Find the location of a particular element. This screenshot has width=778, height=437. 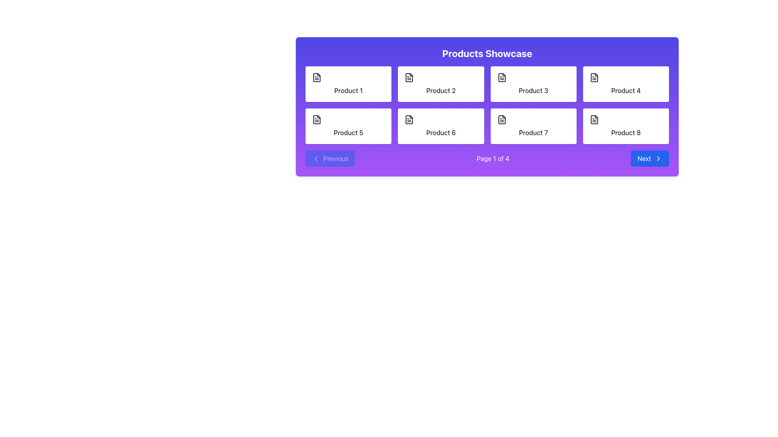

the file icon representing 'Product 7' in the second row and third column of the 'Products Showcase' section is located at coordinates (501, 120).